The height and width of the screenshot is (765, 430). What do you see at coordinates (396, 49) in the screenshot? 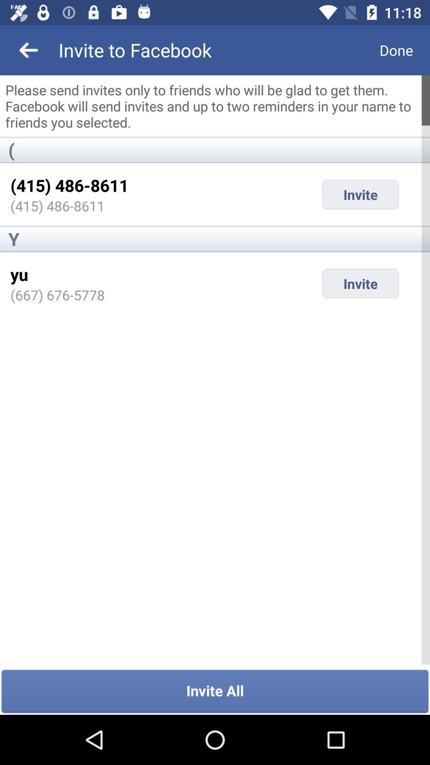
I see `the done` at bounding box center [396, 49].